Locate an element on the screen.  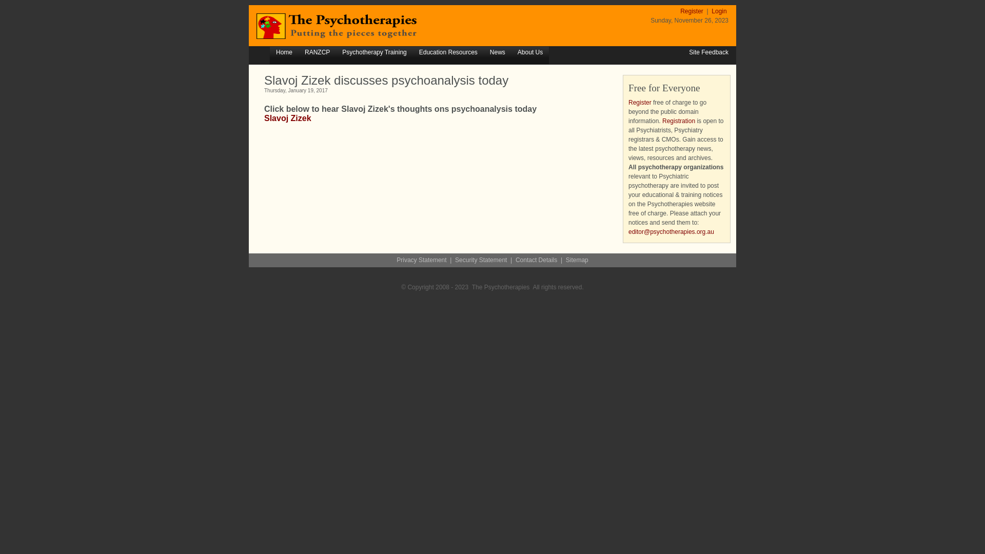
'Slavoj Zizek' is located at coordinates (287, 117).